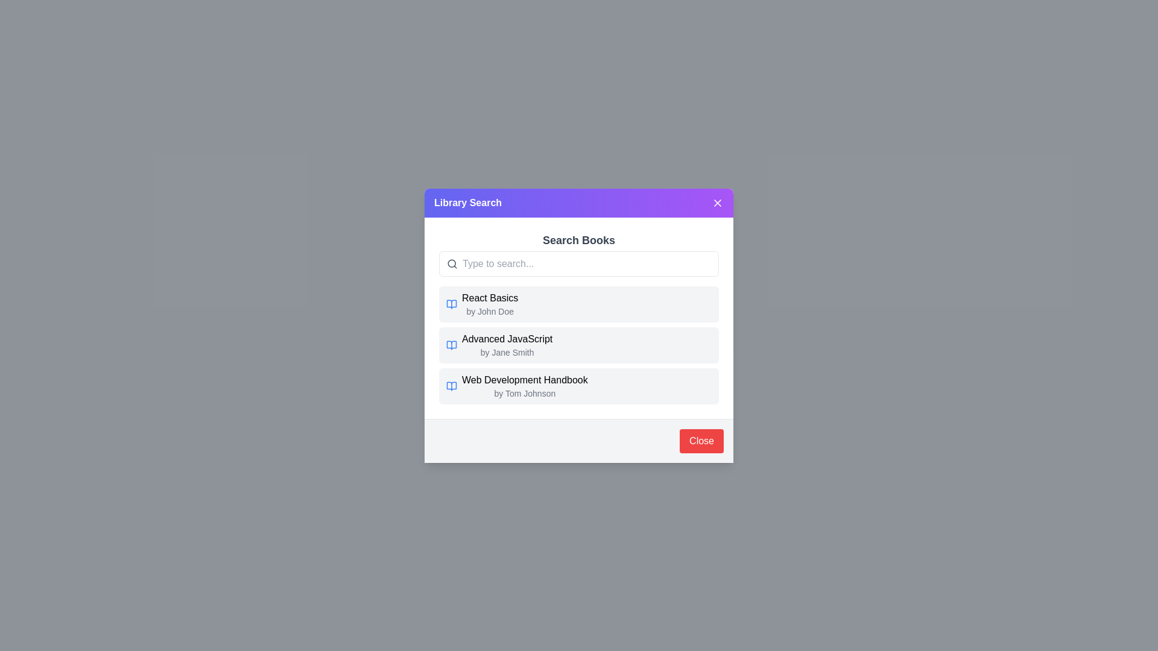 The width and height of the screenshot is (1158, 651). What do you see at coordinates (701, 441) in the screenshot?
I see `the 'Close' button with a bold red background and white text located at the bottom-right corner of the modal dialog` at bounding box center [701, 441].